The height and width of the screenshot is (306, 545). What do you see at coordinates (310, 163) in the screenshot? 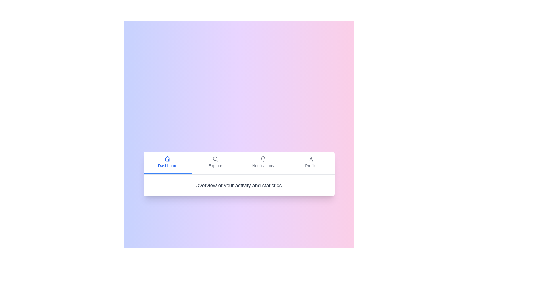
I see `the Profile tab` at bounding box center [310, 163].